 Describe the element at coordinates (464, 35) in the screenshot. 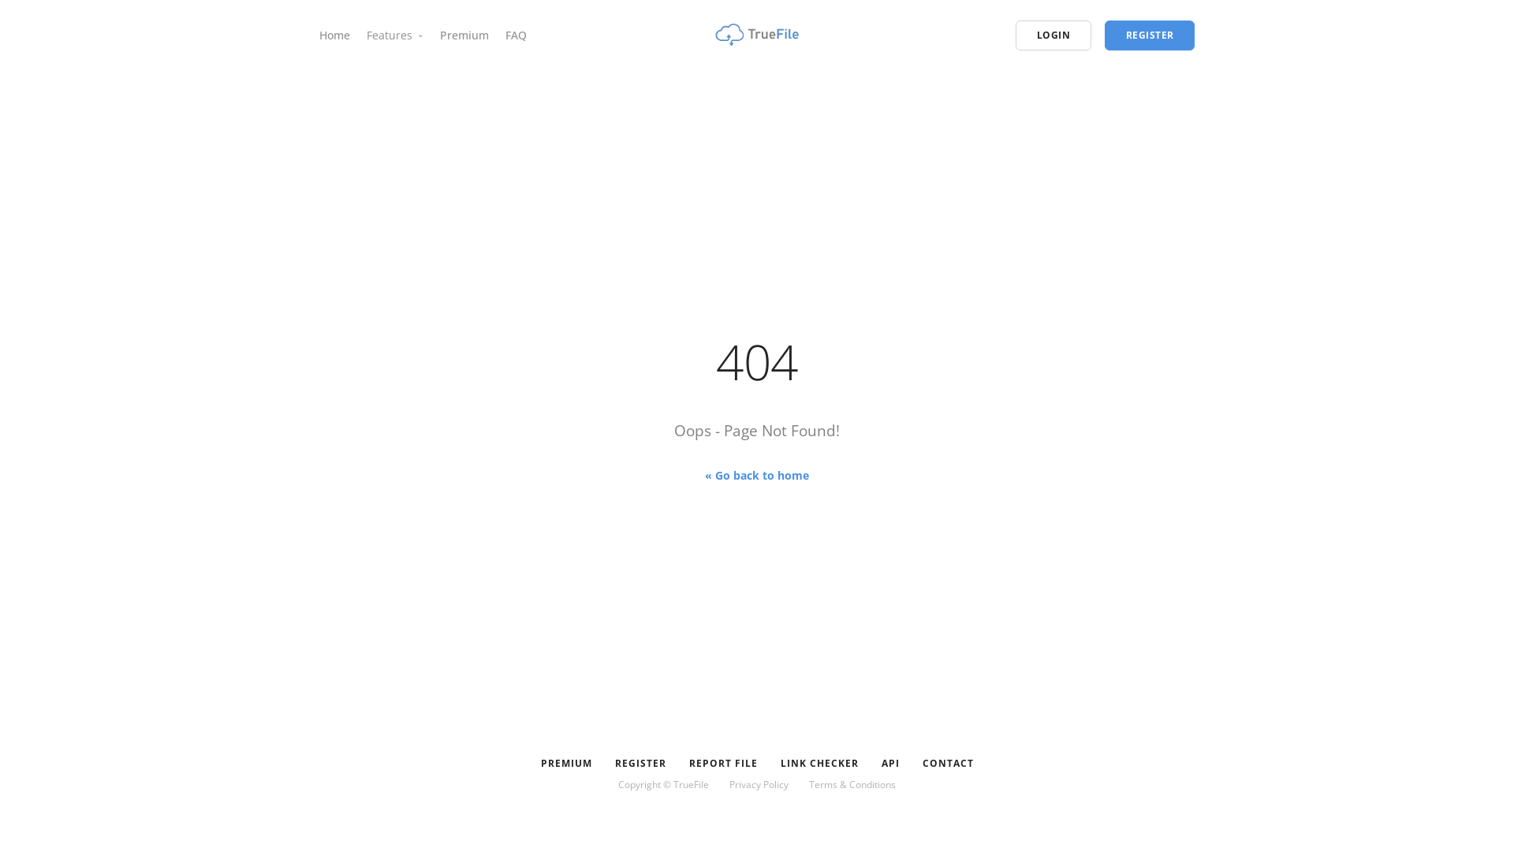

I see `'Premium'` at that location.